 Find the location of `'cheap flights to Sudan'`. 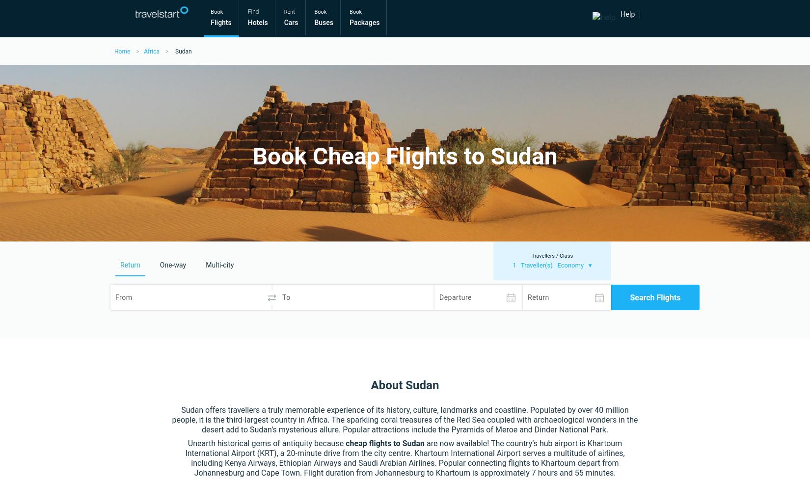

'cheap flights to Sudan' is located at coordinates (384, 443).